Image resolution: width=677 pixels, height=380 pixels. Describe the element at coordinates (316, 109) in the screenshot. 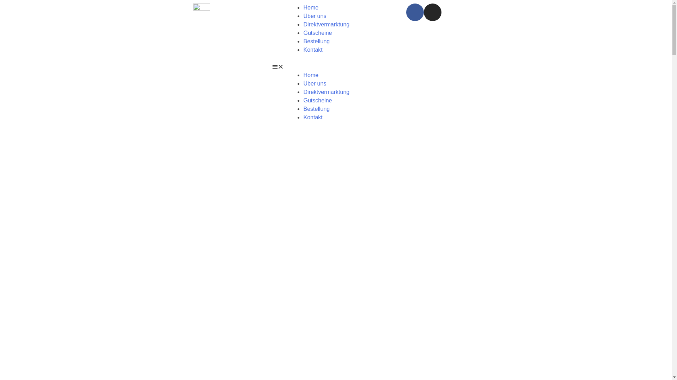

I see `'Bestellung'` at that location.